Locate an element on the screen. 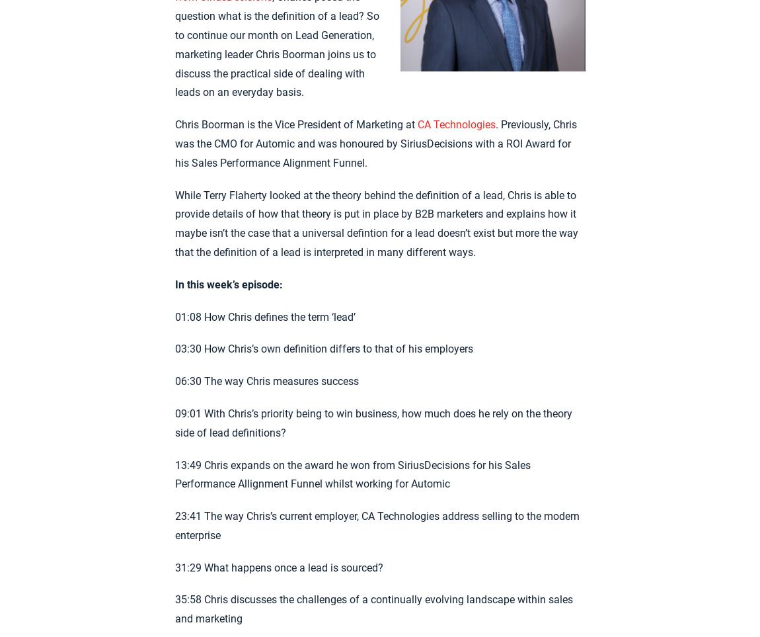  'Chris Boorman is the Vice President of Marketing at' is located at coordinates (295, 124).